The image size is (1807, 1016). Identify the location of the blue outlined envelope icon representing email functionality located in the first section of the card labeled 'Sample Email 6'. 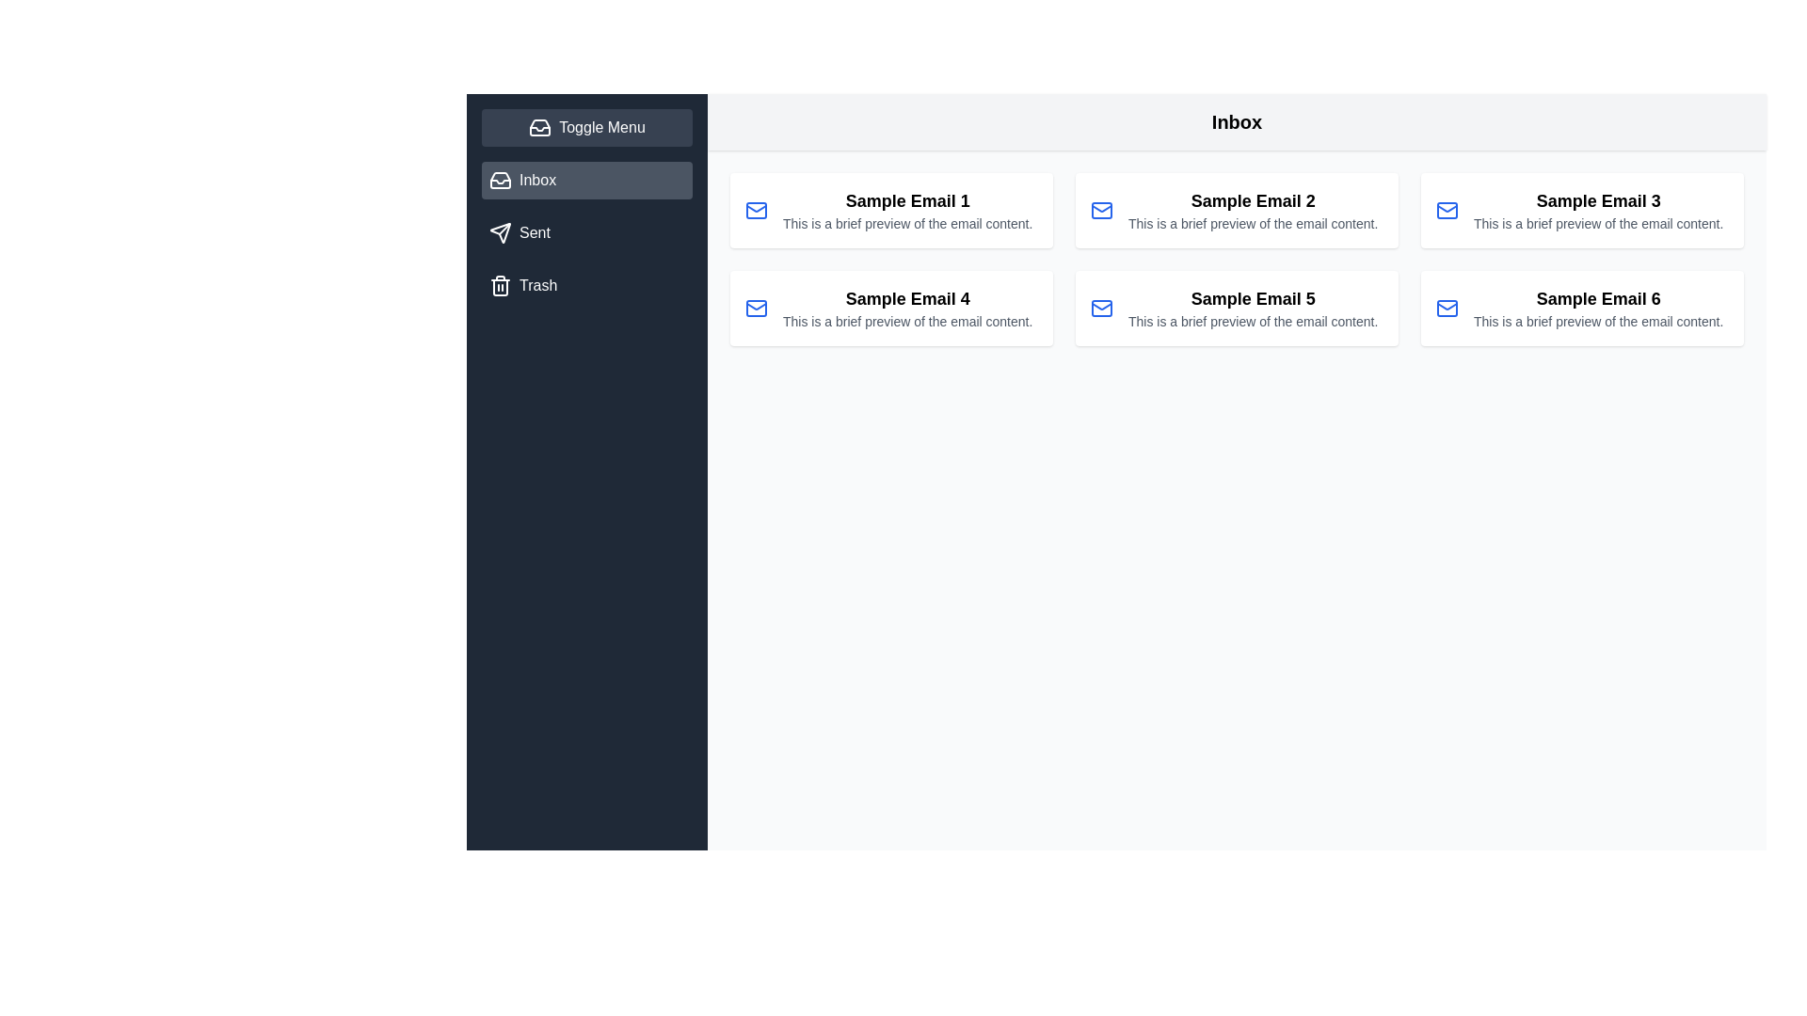
(1446, 307).